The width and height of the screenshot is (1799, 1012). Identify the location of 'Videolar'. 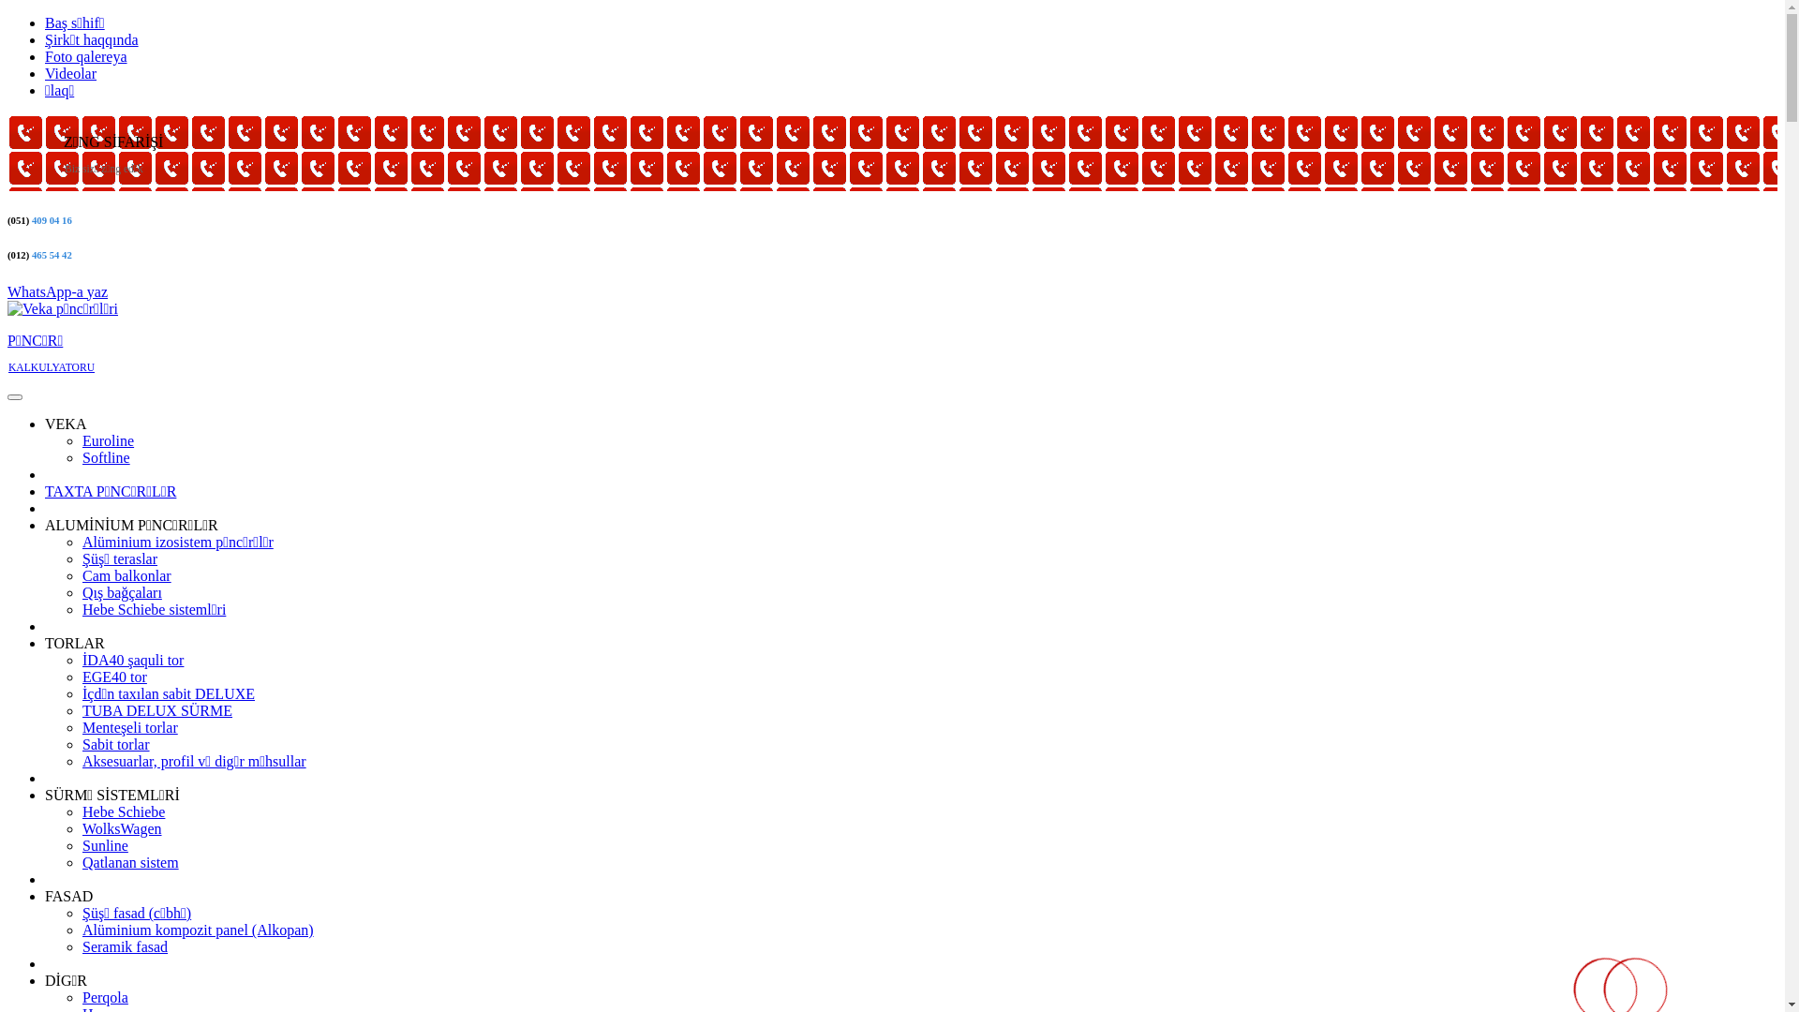
(70, 72).